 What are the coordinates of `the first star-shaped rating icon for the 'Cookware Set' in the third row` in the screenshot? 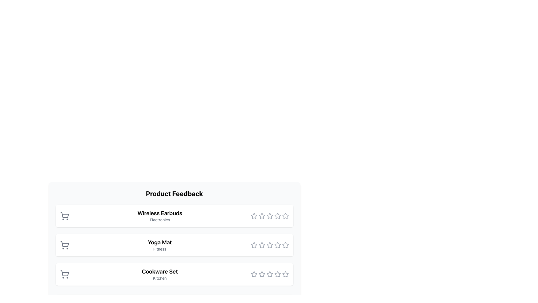 It's located at (254, 274).